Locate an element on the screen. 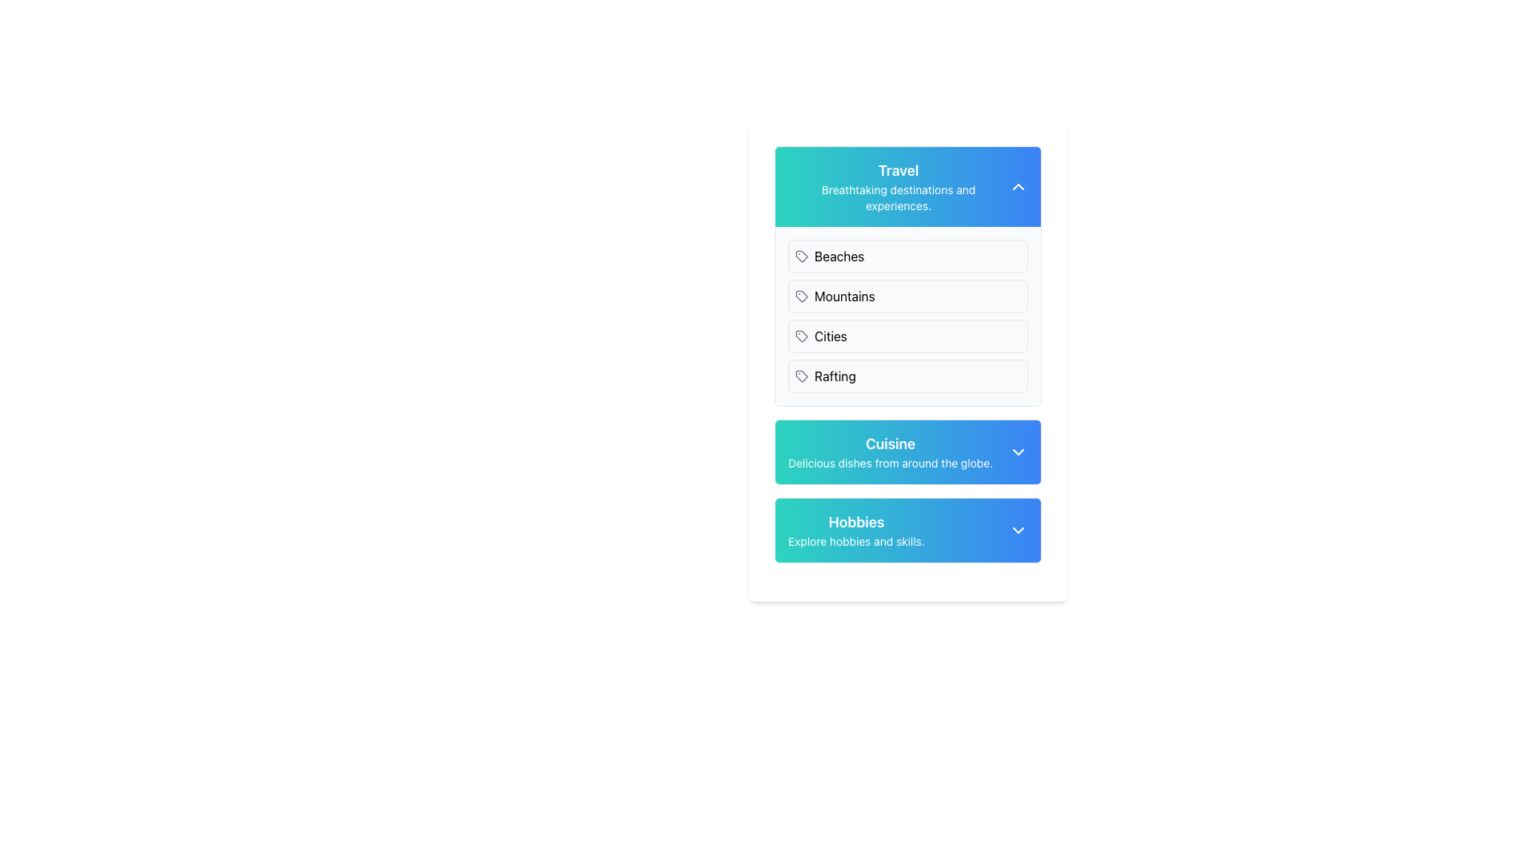 This screenshot has height=863, width=1535. the 'Rafting' button located in the 'Travel' section, positioned between the 'Cities' button above and the 'Cuisine' section below, to observe the hover effects is located at coordinates (908, 376).